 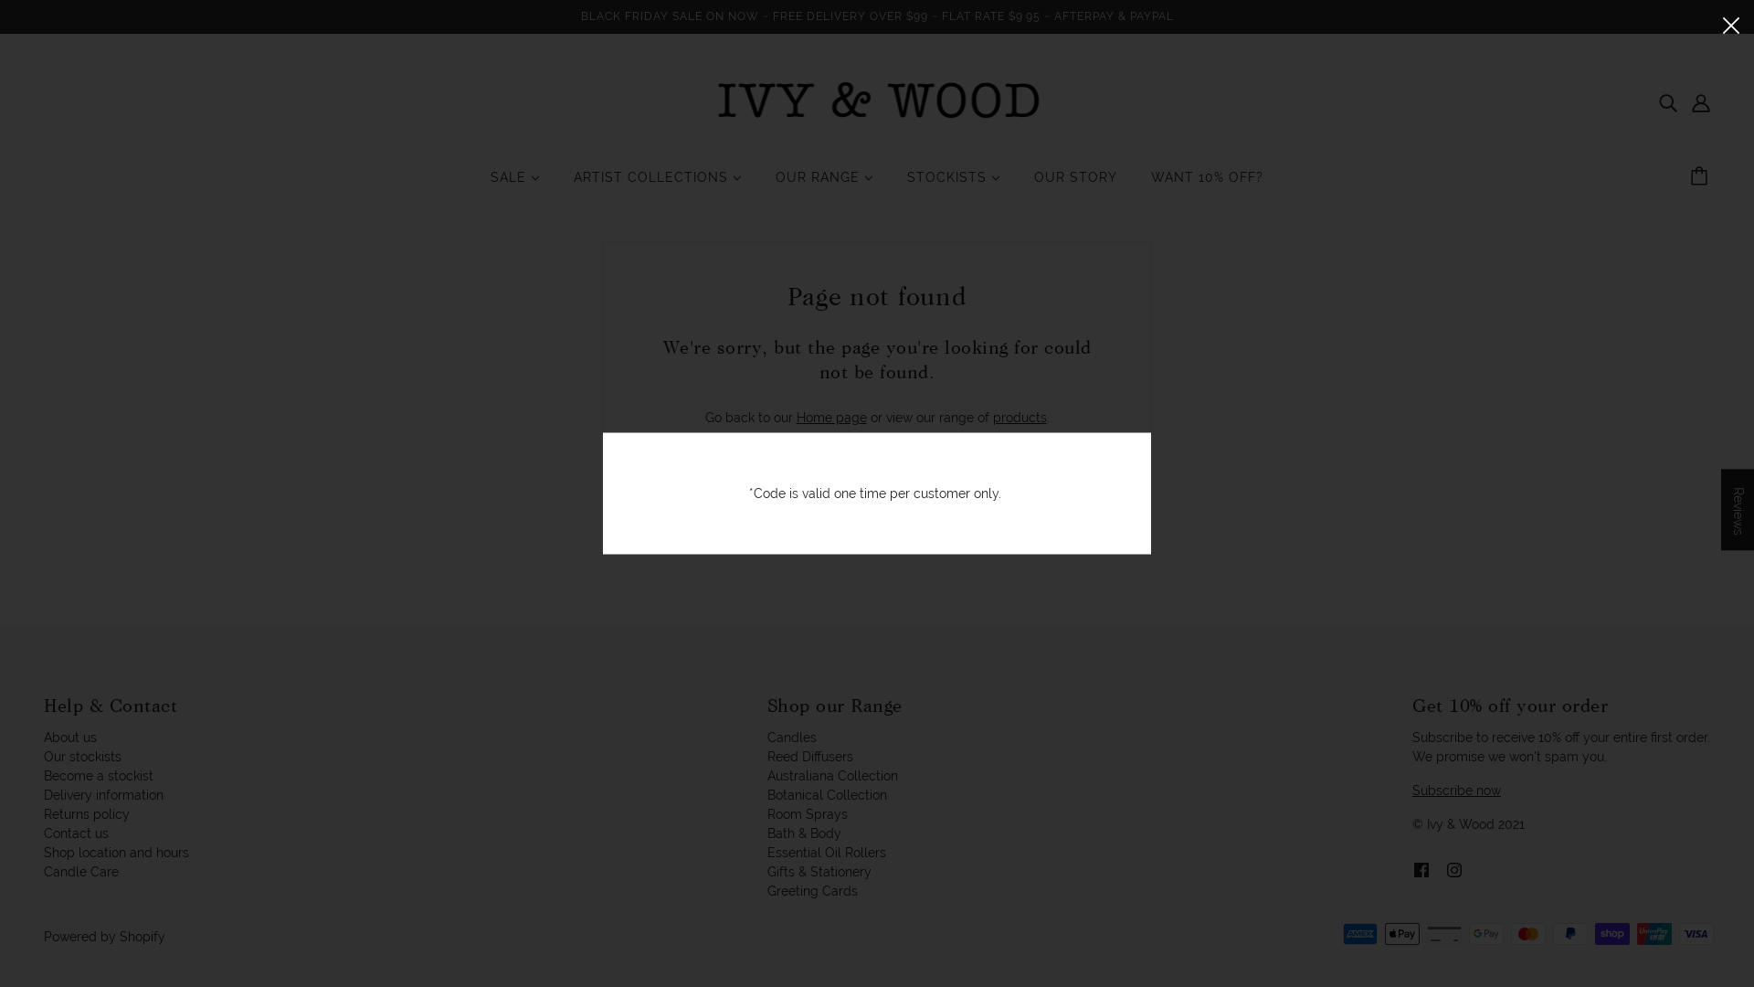 I want to click on 'Powered by Shopify', so click(x=103, y=935).